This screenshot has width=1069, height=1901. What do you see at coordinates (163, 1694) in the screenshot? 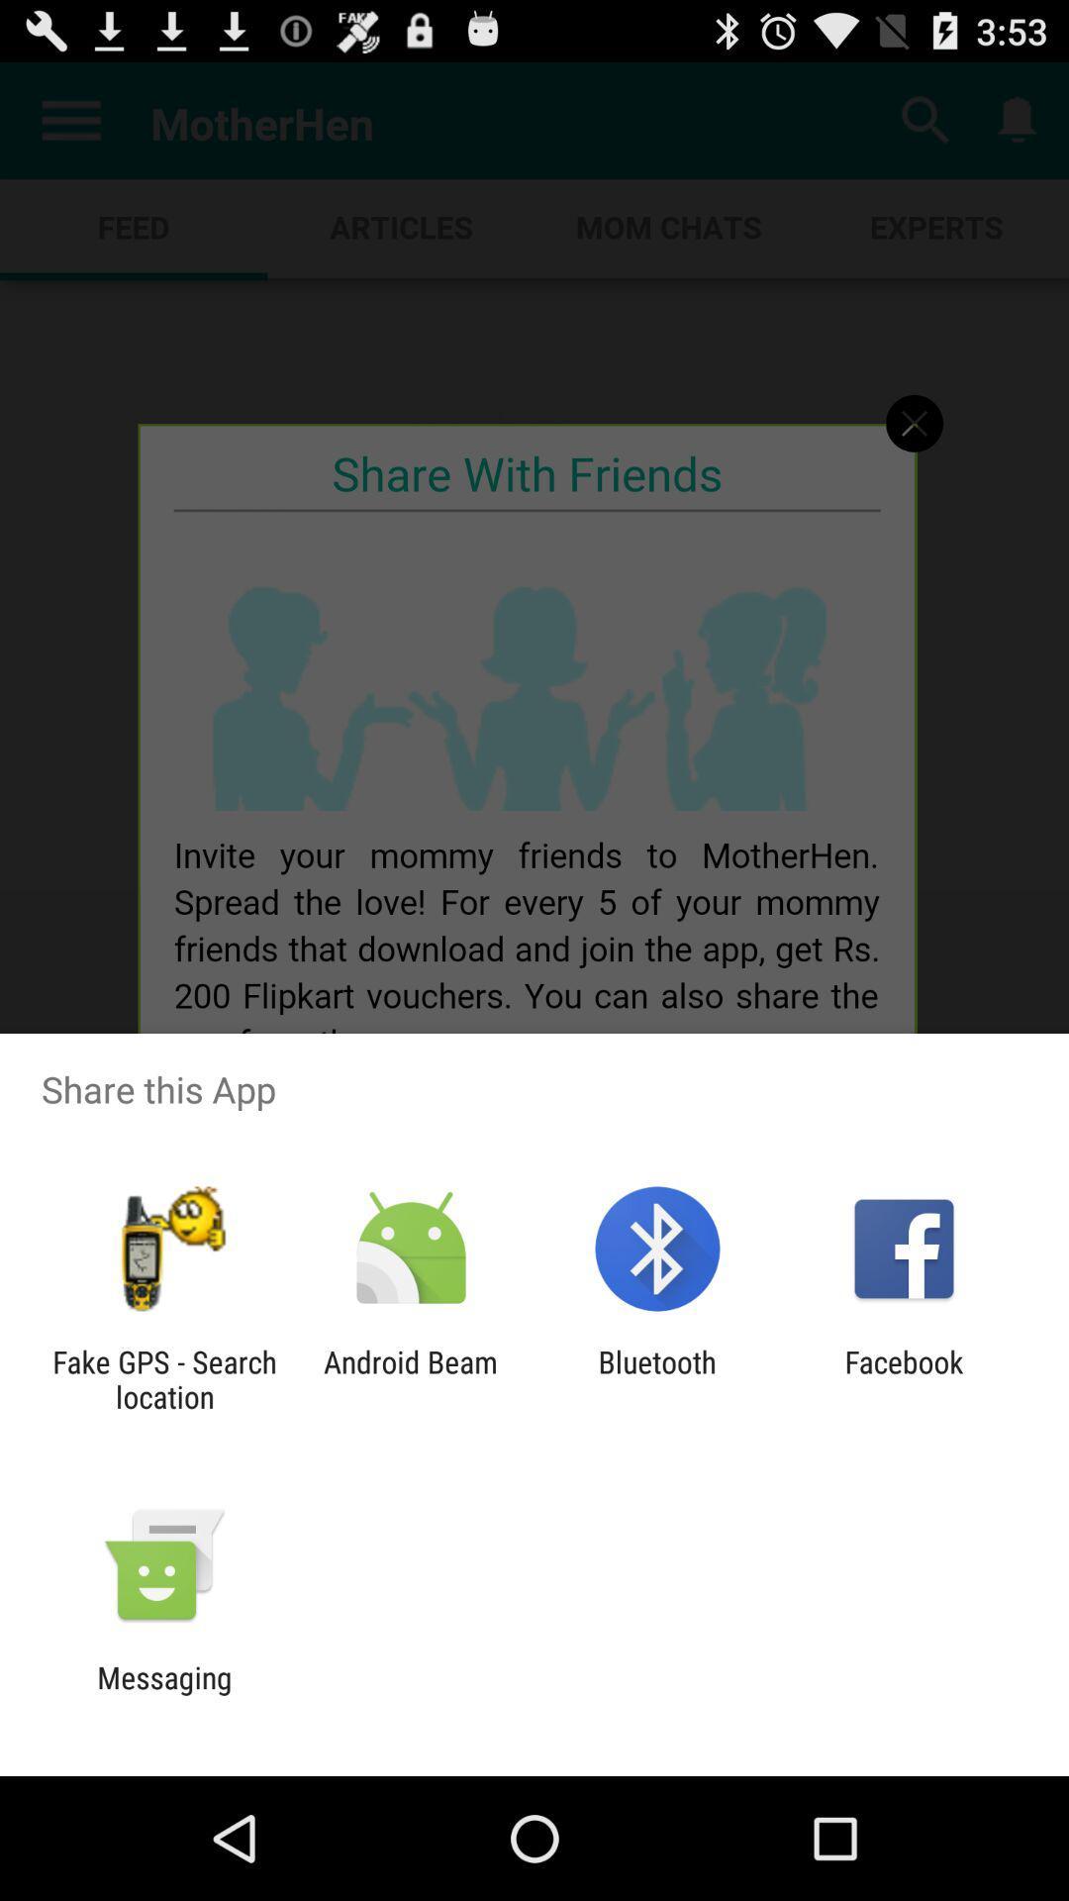
I see `messaging` at bounding box center [163, 1694].